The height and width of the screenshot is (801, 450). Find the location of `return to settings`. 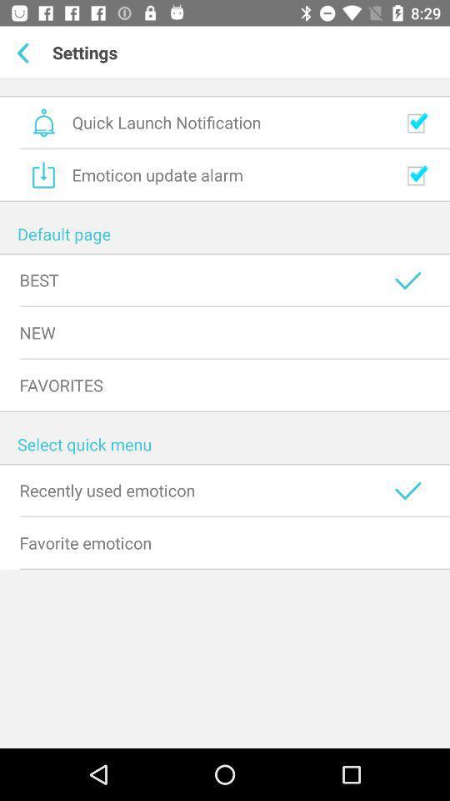

return to settings is located at coordinates (25, 53).